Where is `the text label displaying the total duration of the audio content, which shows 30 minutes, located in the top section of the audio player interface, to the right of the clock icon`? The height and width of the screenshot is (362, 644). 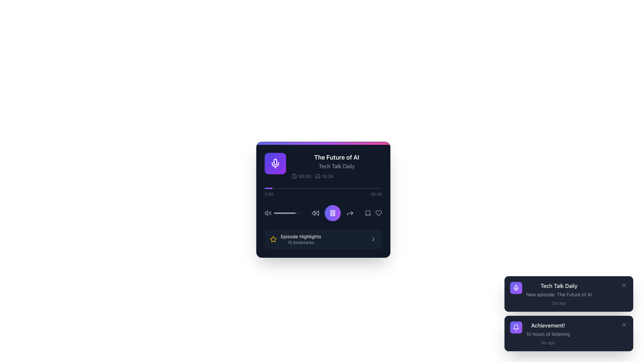 the text label displaying the total duration of the audio content, which shows 30 minutes, located in the top section of the audio player interface, to the right of the clock icon is located at coordinates (304, 176).